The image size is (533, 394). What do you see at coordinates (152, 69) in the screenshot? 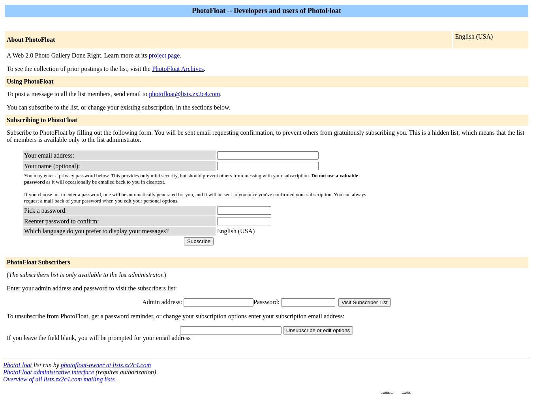
I see `'PhotoFloat
		  Archives'` at bounding box center [152, 69].